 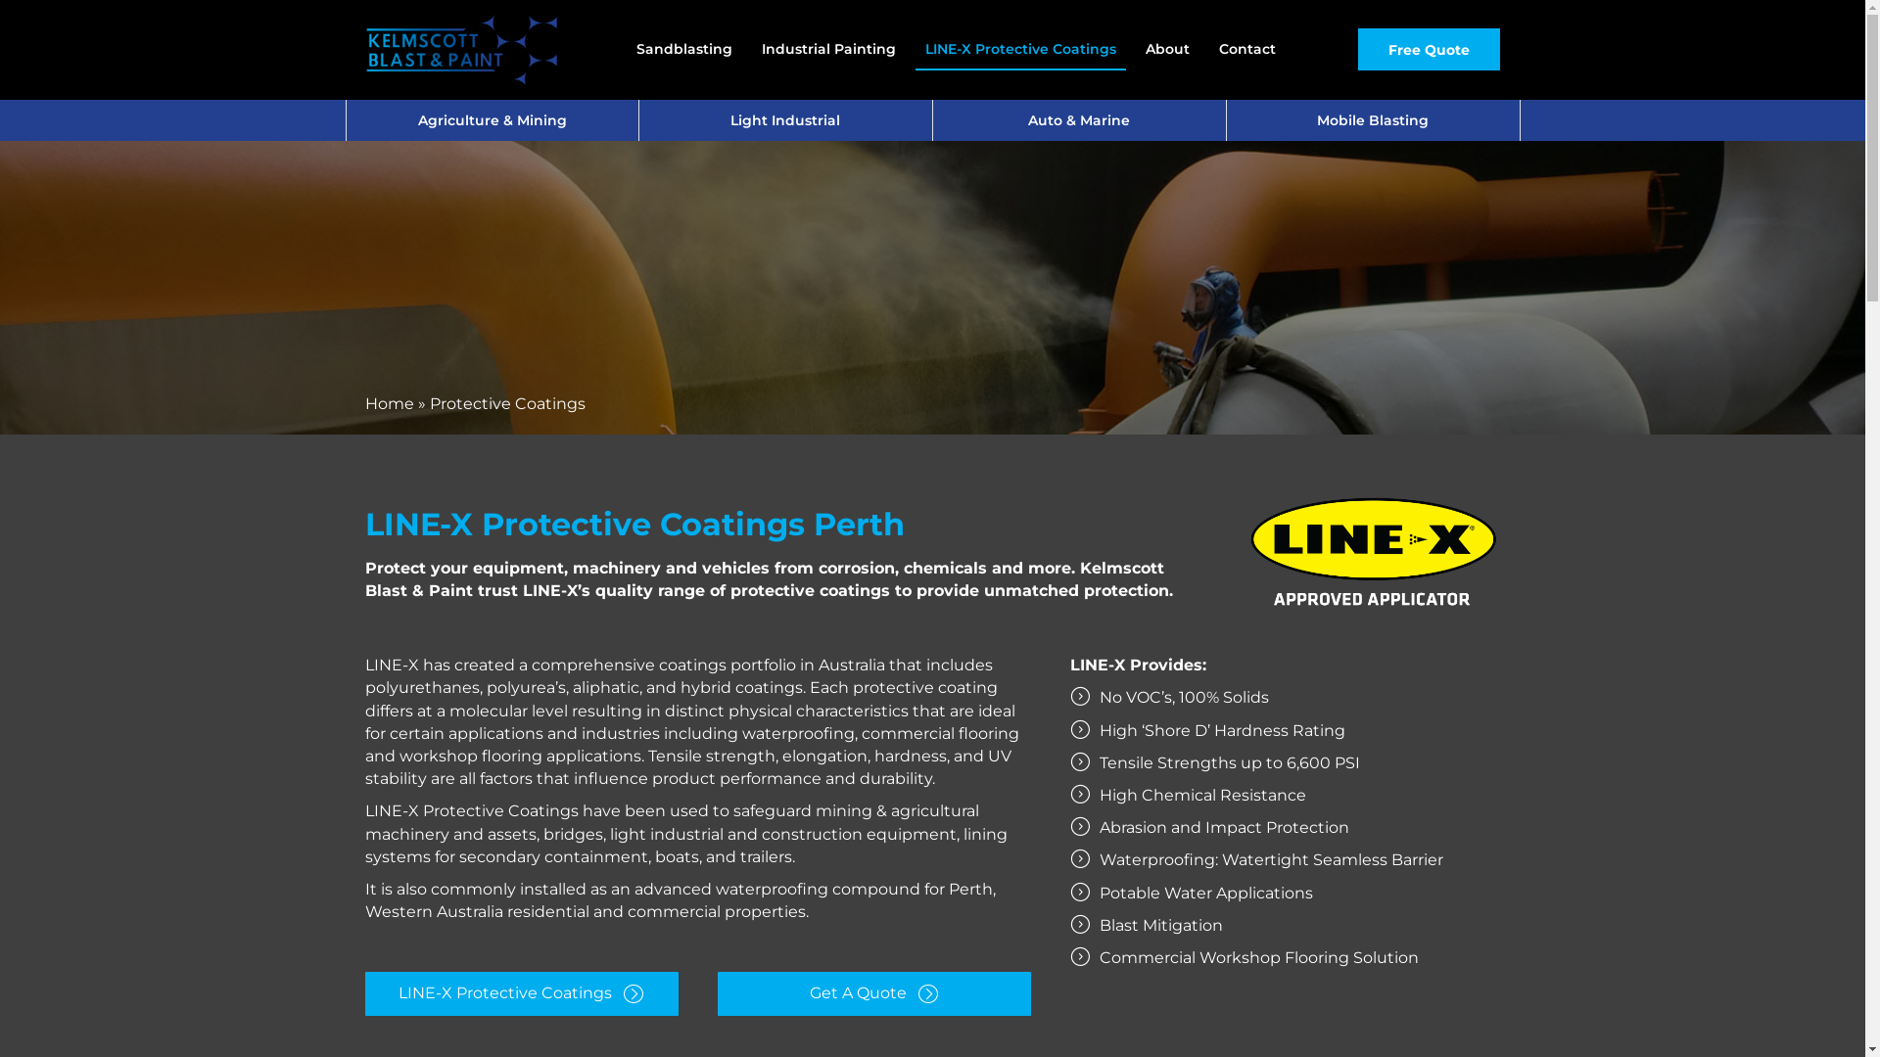 What do you see at coordinates (828, 48) in the screenshot?
I see `'Industrial Painting'` at bounding box center [828, 48].